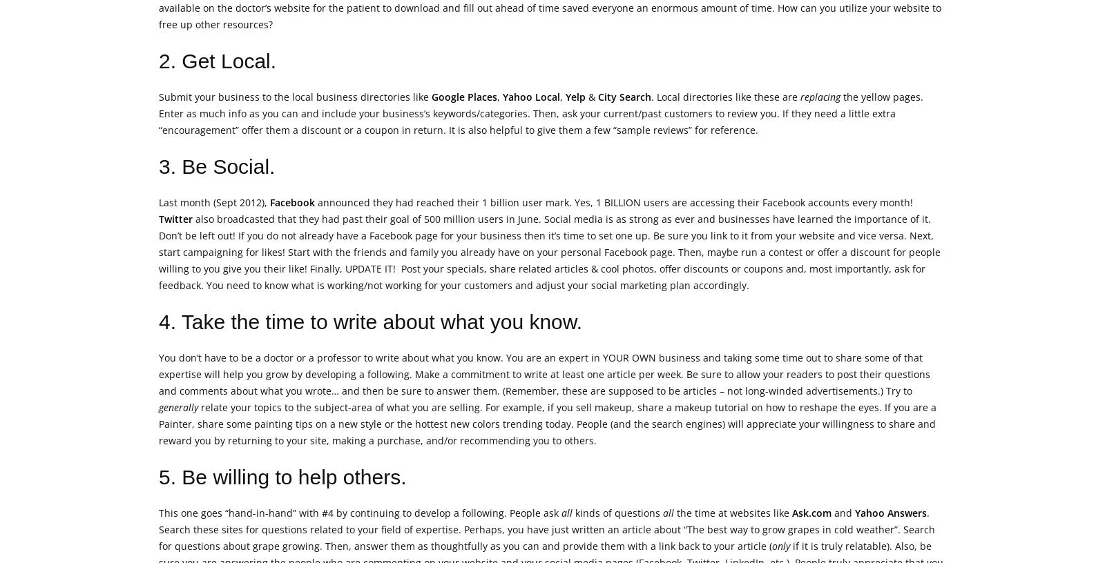 The width and height of the screenshot is (1105, 563). I want to click on 'the yellow pages. Enter as much info as you can and include your business’s keywords/categories. Then, ask your current/past customers to review you. If they need a little extra “encouragement” offer them a discount or a coupon in return. It is also helpful to give them a few “sample reviews” for reference.', so click(541, 113).